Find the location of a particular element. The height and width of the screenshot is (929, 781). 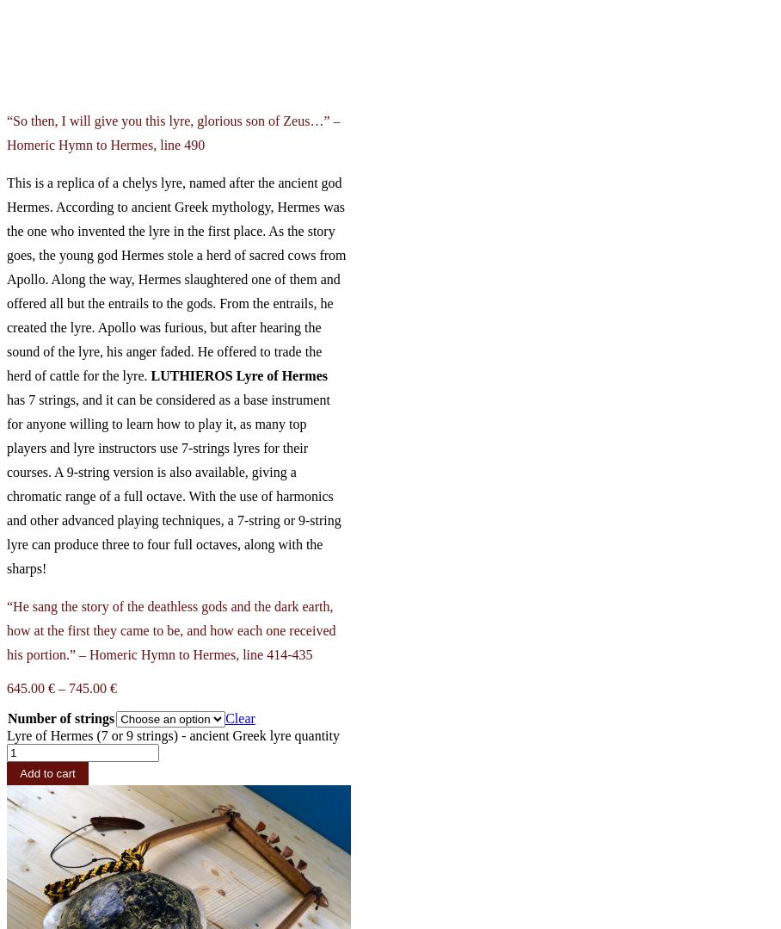

'Clear' is located at coordinates (240, 717).